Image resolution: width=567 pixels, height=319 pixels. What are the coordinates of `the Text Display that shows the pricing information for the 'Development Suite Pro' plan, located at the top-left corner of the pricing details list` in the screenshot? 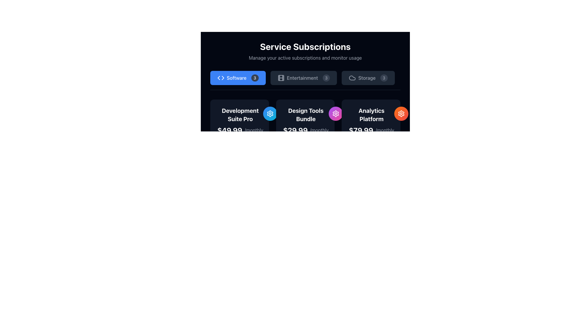 It's located at (229, 130).